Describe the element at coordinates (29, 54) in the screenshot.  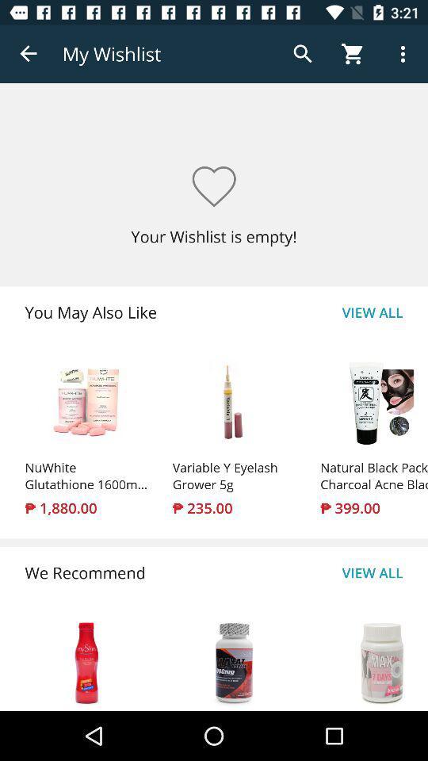
I see `previous` at that location.